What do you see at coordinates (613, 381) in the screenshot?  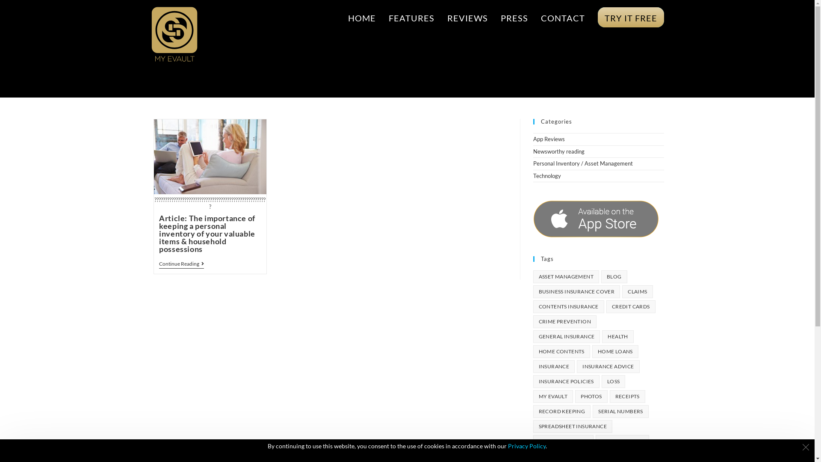 I see `'LOSS'` at bounding box center [613, 381].